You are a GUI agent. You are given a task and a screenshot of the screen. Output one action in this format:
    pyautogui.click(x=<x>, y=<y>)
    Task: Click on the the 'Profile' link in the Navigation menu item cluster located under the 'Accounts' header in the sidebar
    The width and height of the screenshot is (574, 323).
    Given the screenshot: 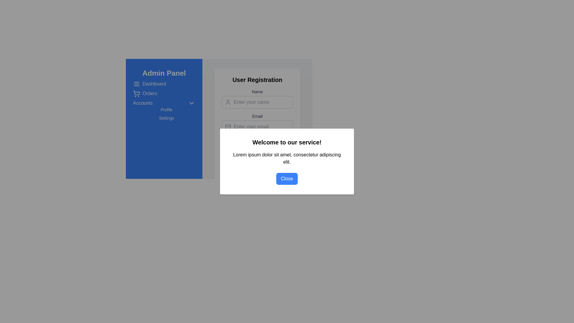 What is the action you would take?
    pyautogui.click(x=166, y=114)
    